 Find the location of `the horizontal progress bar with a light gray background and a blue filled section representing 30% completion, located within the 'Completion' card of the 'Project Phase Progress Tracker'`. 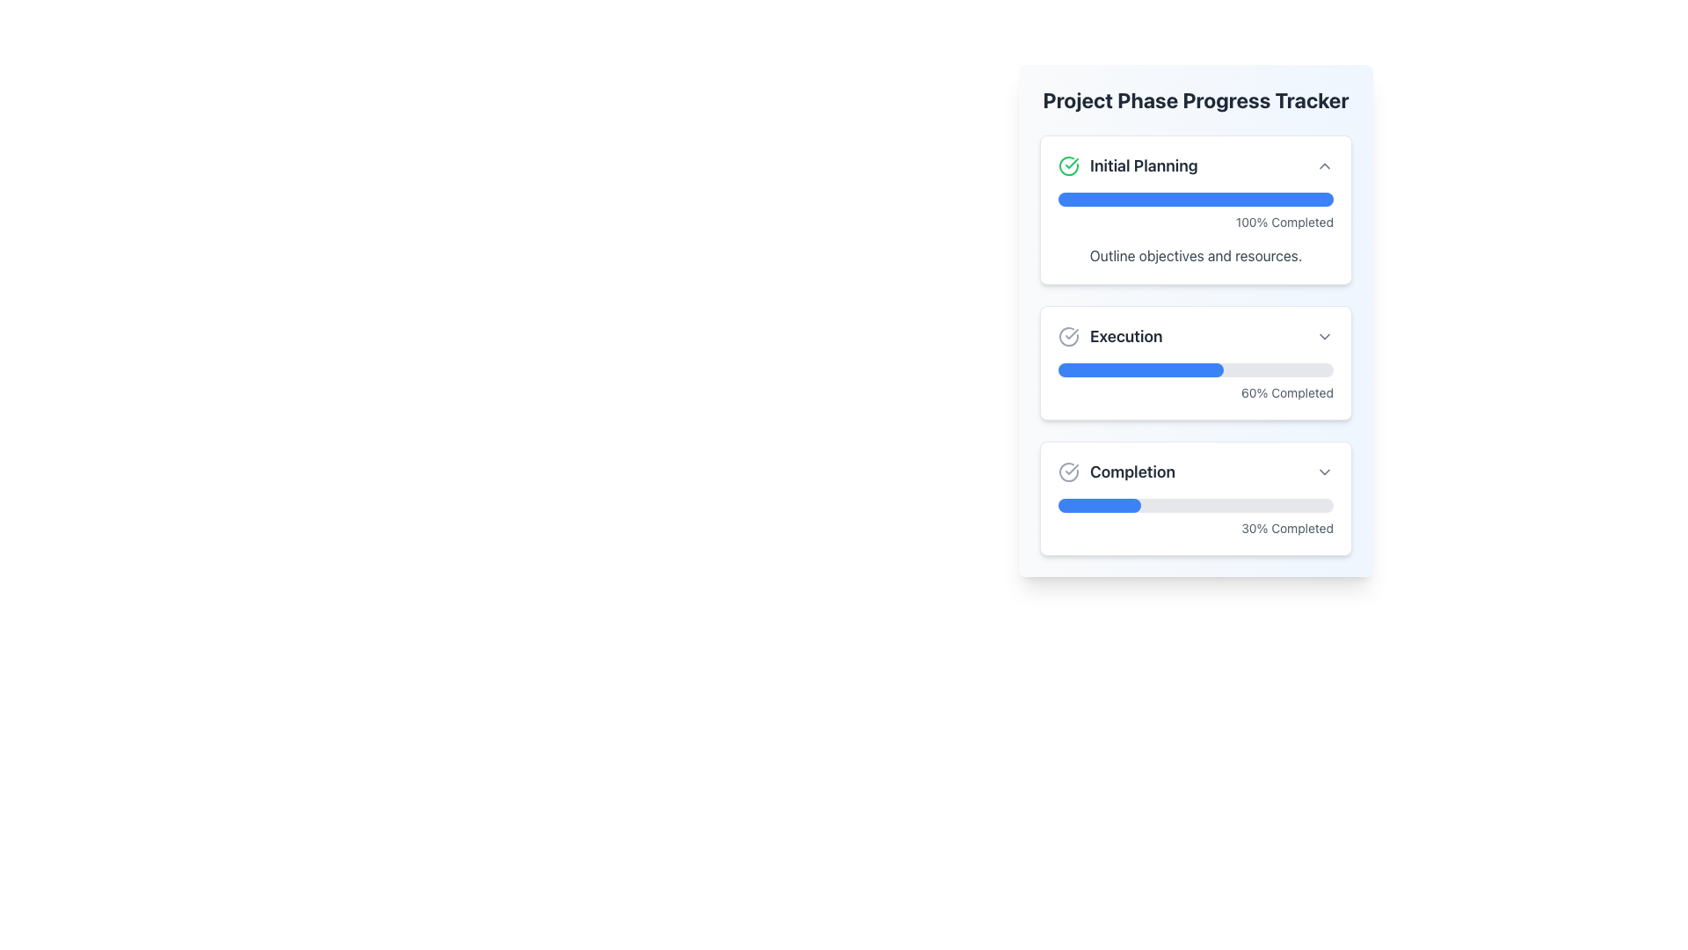

the horizontal progress bar with a light gray background and a blue filled section representing 30% completion, located within the 'Completion' card of the 'Project Phase Progress Tracker' is located at coordinates (1196, 505).